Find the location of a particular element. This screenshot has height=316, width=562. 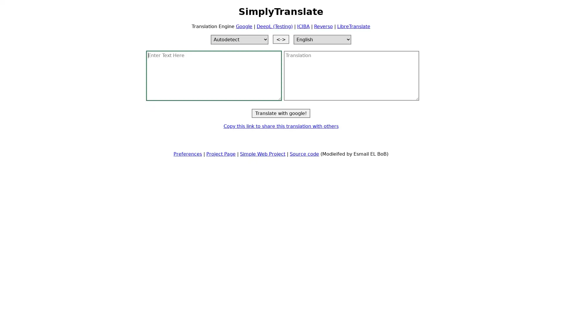

Translate with google! is located at coordinates (281, 113).